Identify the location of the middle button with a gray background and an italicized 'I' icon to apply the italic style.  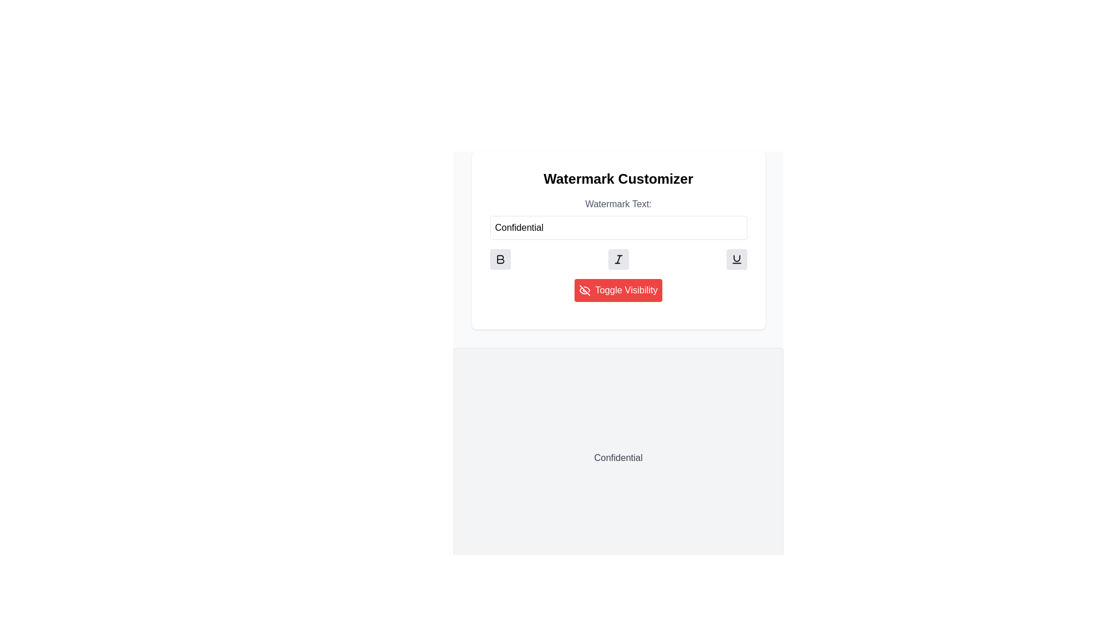
(618, 259).